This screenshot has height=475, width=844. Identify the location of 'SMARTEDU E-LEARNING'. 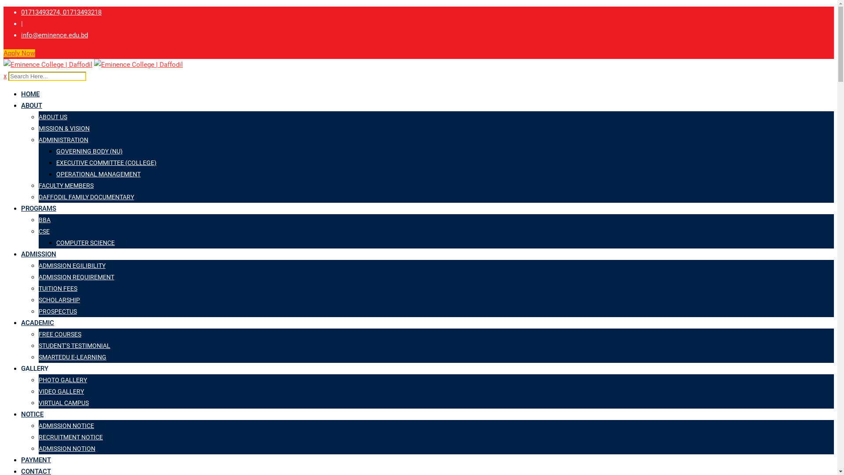
(72, 357).